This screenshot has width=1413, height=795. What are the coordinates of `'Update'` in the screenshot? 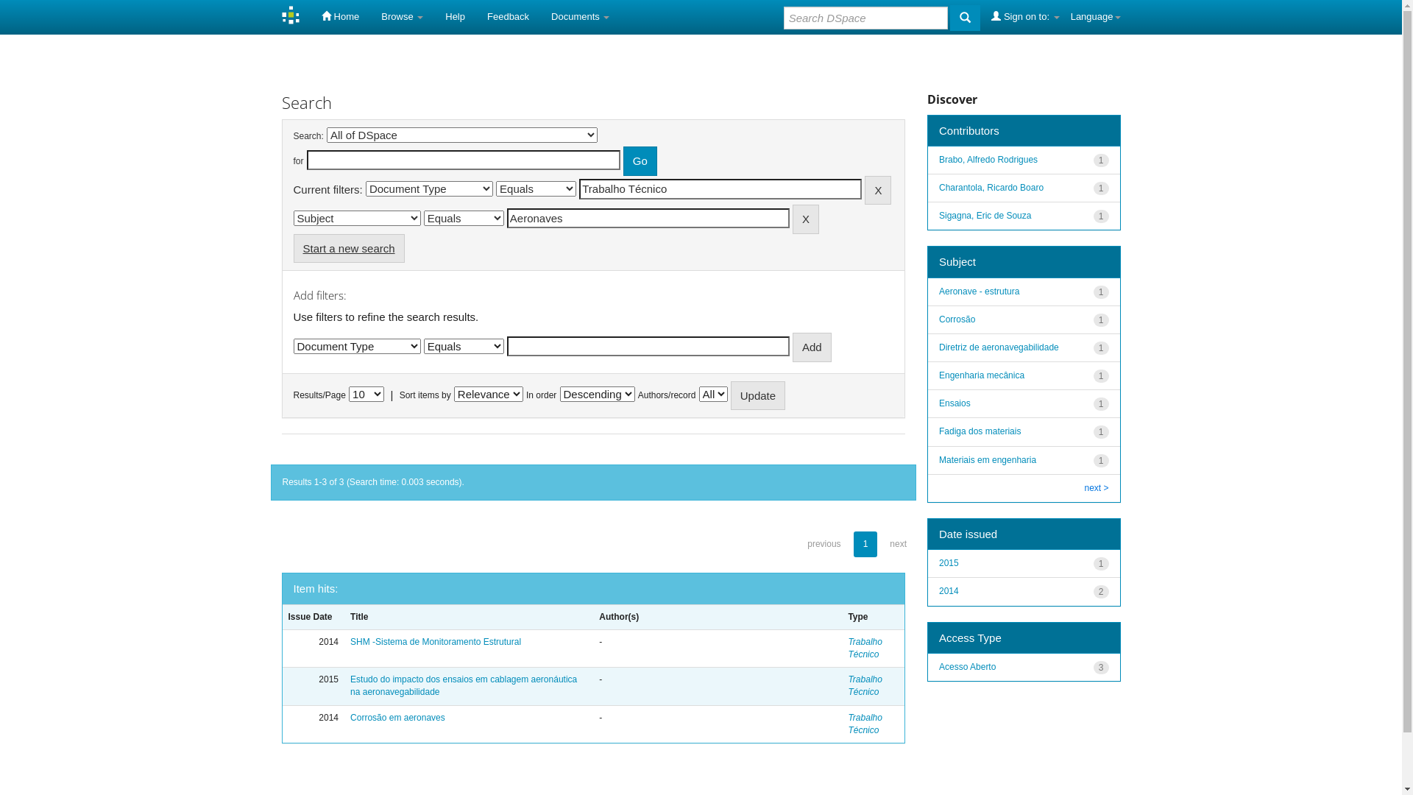 It's located at (758, 395).